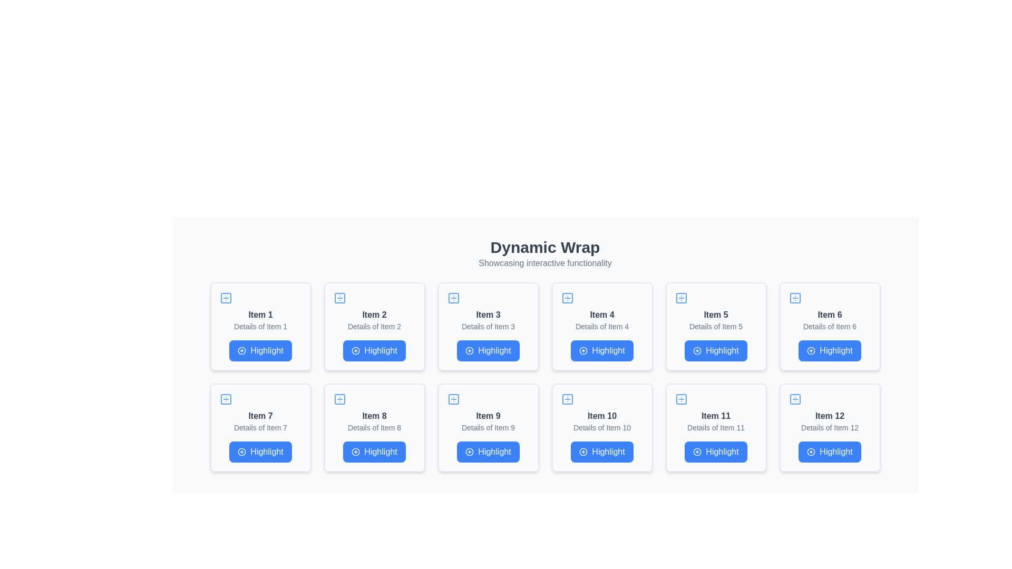 The width and height of the screenshot is (1012, 569). Describe the element at coordinates (811, 451) in the screenshot. I see `the SVG Circle that is part of the circular plus icon located near the bottom-right corner of the layout, adjacent to the 'Highlight' button of 'Item 12'` at that location.